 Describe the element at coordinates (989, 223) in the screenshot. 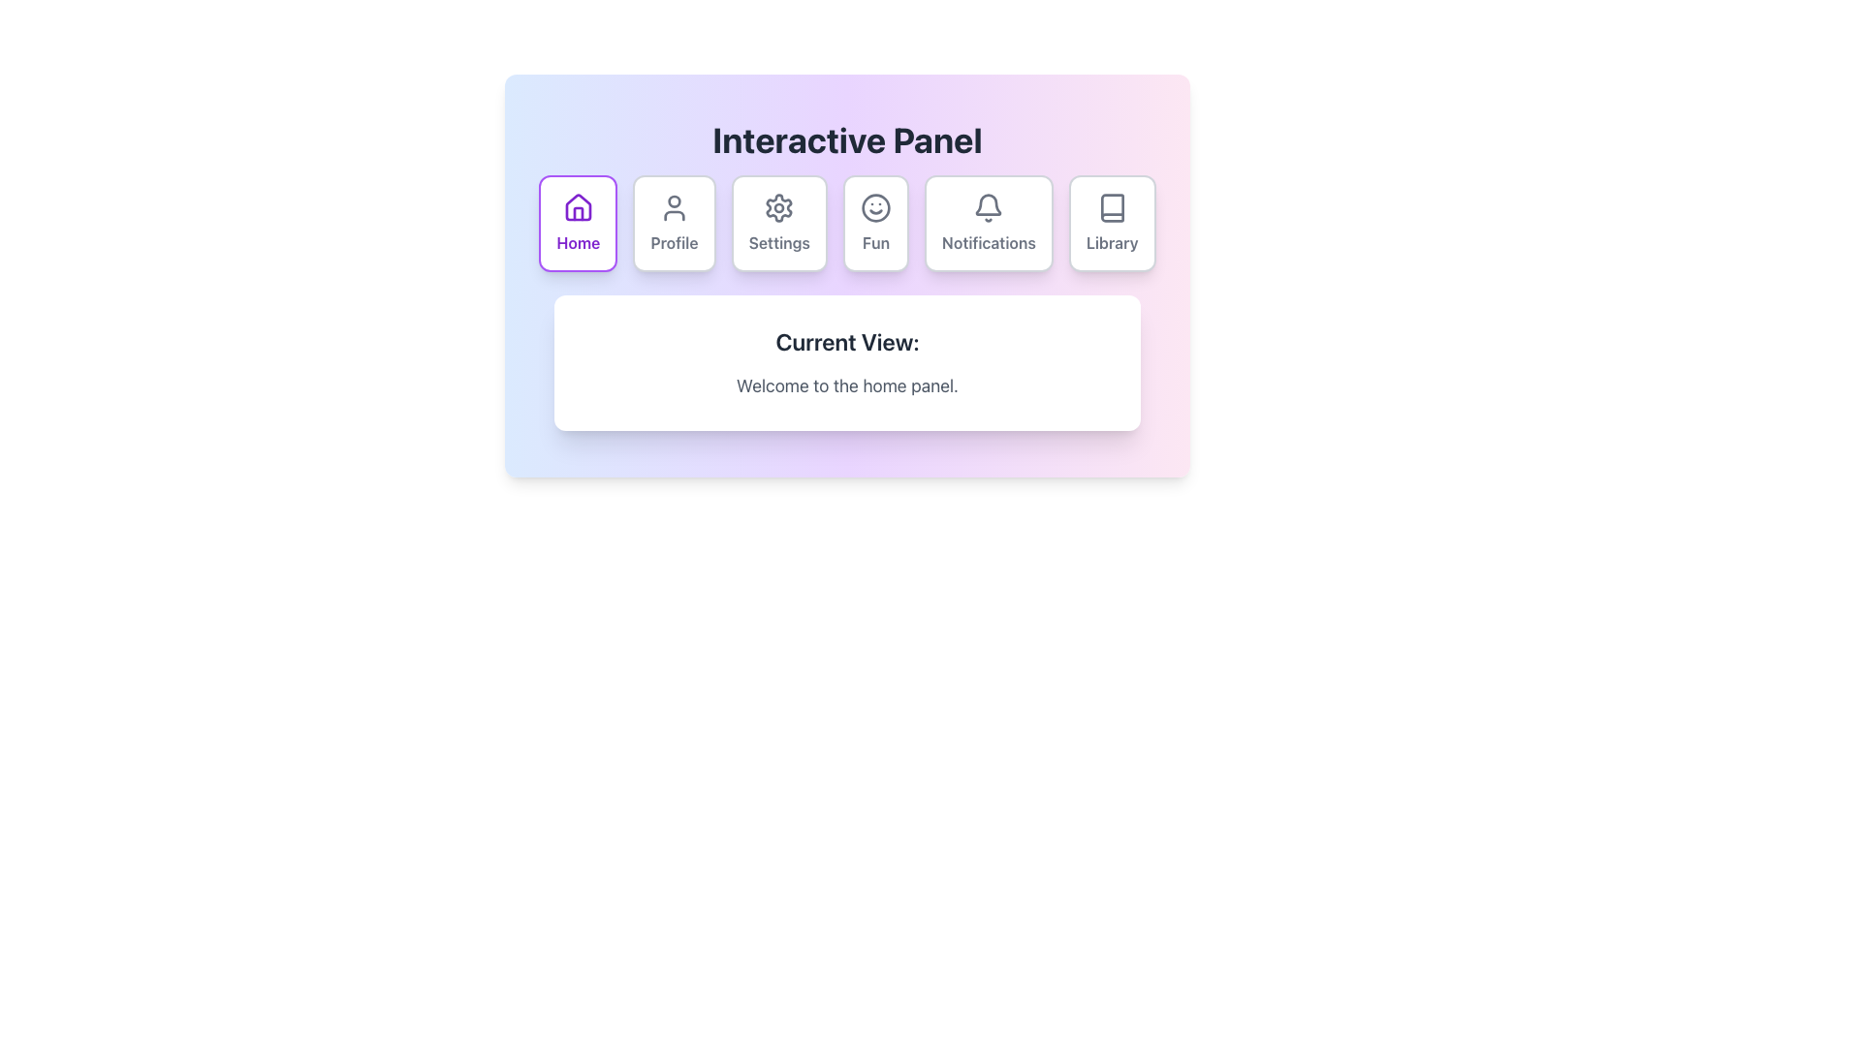

I see `the Notifications button, which is a rectangular component with a white background and a bell icon above the text 'Notifications', positioned fifth from the left` at that location.